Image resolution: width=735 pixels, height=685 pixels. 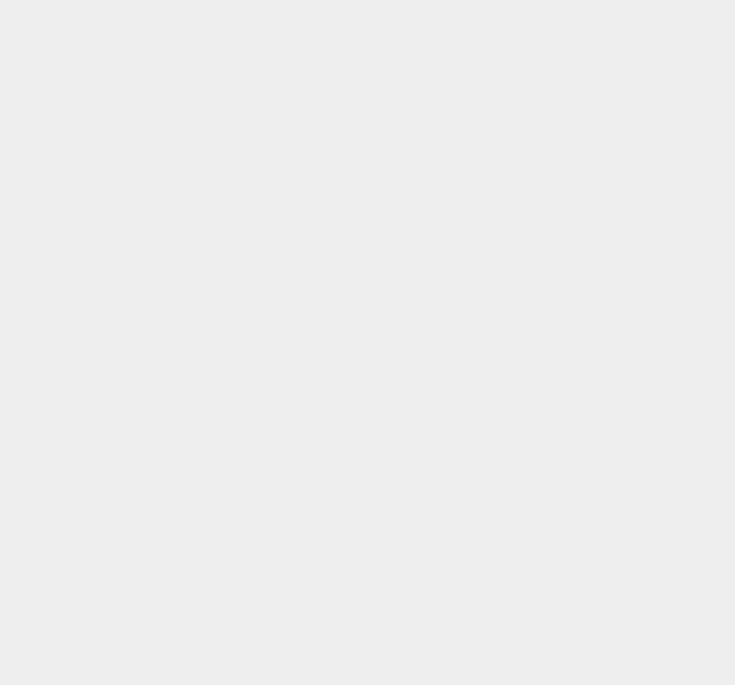 I want to click on 'iGoogle', so click(x=534, y=617).